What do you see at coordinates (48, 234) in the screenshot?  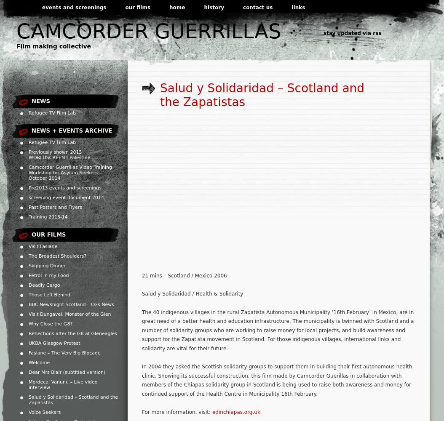 I see `'Our Films'` at bounding box center [48, 234].